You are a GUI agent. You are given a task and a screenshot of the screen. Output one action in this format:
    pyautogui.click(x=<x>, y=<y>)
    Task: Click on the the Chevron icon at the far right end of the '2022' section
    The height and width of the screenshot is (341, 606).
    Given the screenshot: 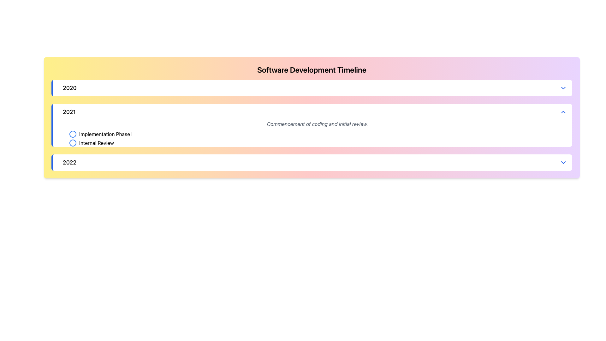 What is the action you would take?
    pyautogui.click(x=563, y=162)
    